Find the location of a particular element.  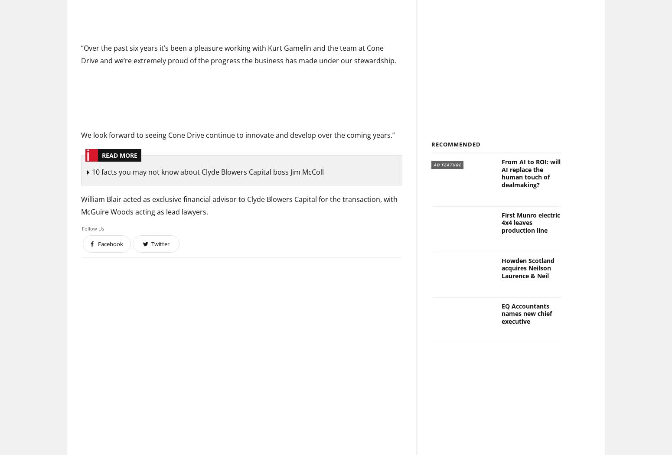

'Ad Feature' is located at coordinates (447, 165).